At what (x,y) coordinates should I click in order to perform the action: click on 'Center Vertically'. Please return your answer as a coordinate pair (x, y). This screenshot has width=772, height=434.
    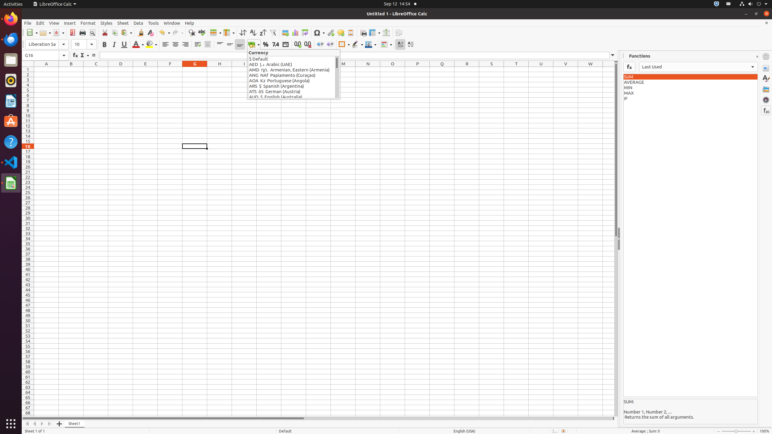
    Looking at the image, I should click on (230, 44).